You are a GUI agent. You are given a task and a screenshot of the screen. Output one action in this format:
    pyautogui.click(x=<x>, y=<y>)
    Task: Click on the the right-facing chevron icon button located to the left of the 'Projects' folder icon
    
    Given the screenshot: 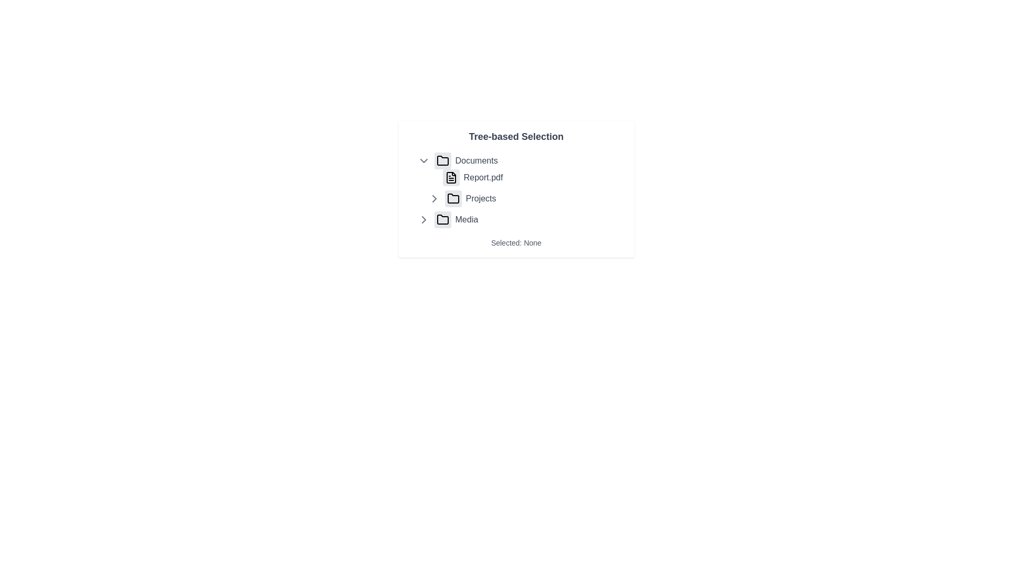 What is the action you would take?
    pyautogui.click(x=423, y=219)
    